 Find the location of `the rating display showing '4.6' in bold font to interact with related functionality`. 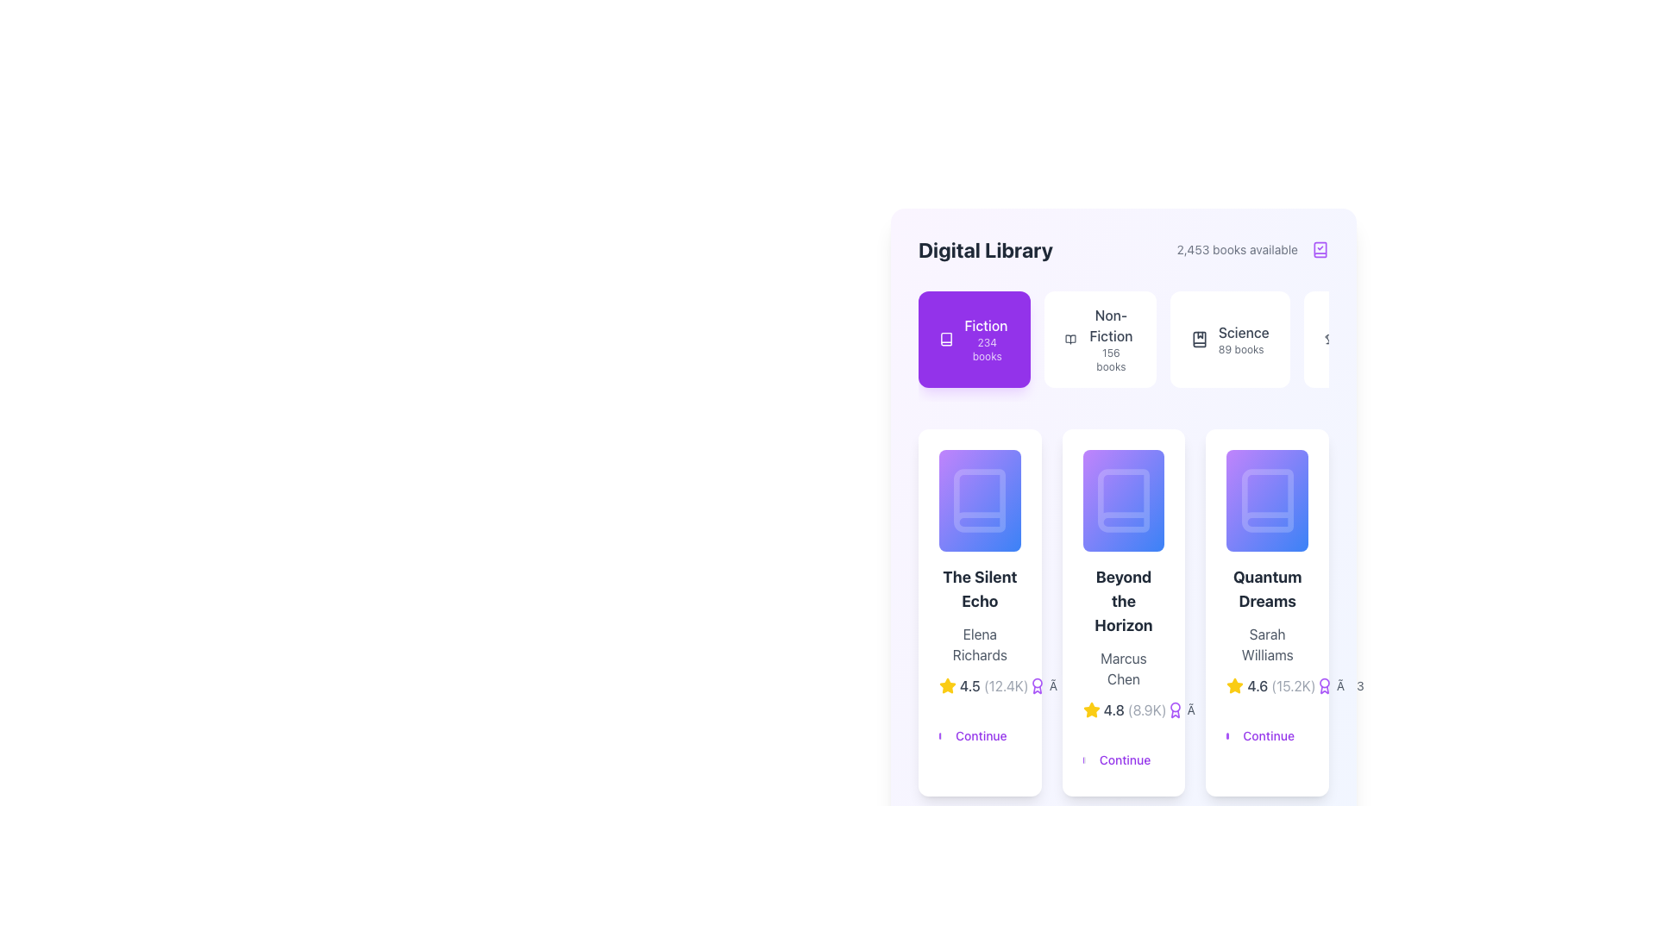

the rating display showing '4.6' in bold font to interact with related functionality is located at coordinates (1267, 685).